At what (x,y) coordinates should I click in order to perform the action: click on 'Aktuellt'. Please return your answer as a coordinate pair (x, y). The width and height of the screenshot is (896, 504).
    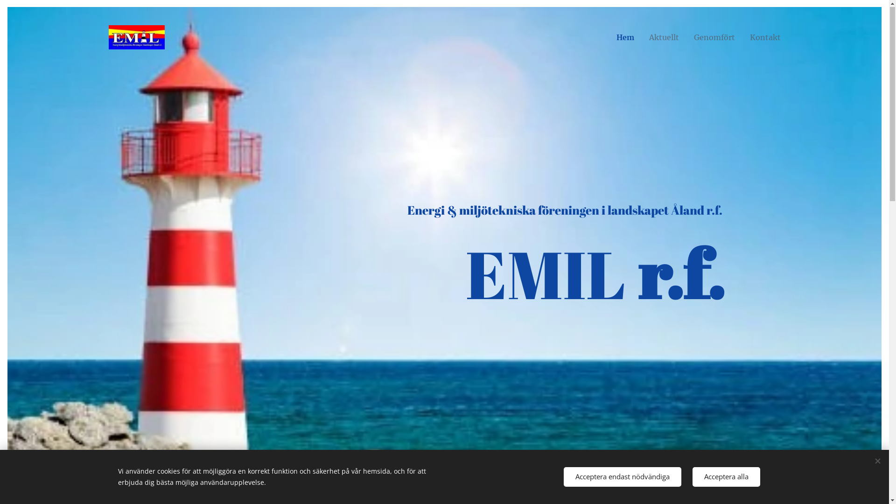
    Looking at the image, I should click on (663, 37).